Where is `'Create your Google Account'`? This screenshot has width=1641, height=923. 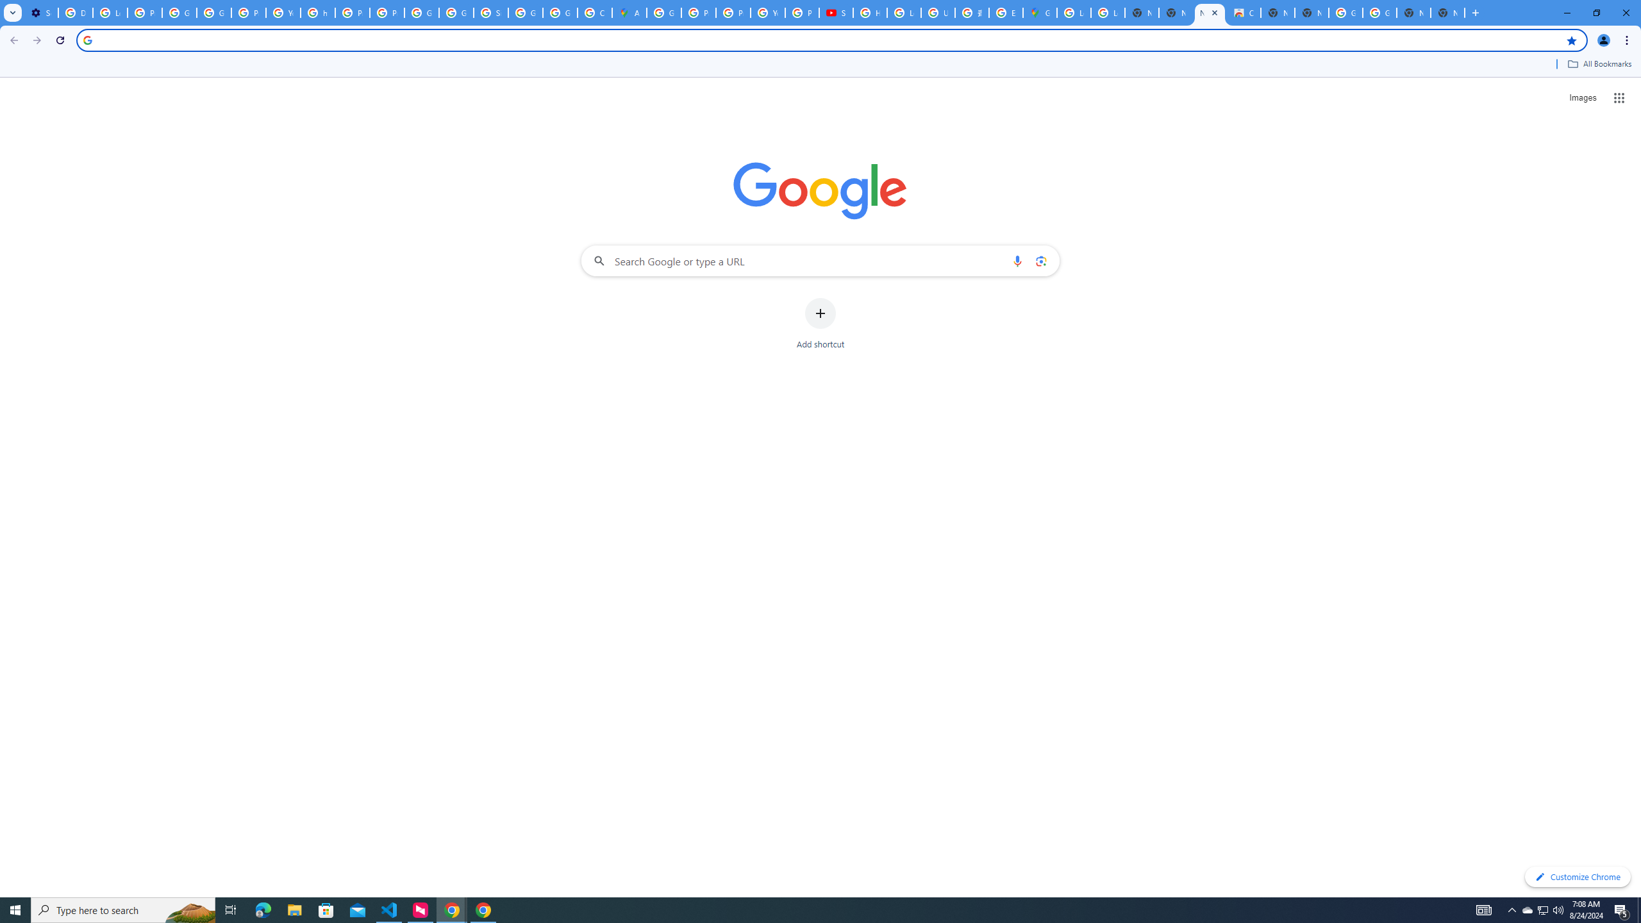
'Create your Google Account' is located at coordinates (595, 12).